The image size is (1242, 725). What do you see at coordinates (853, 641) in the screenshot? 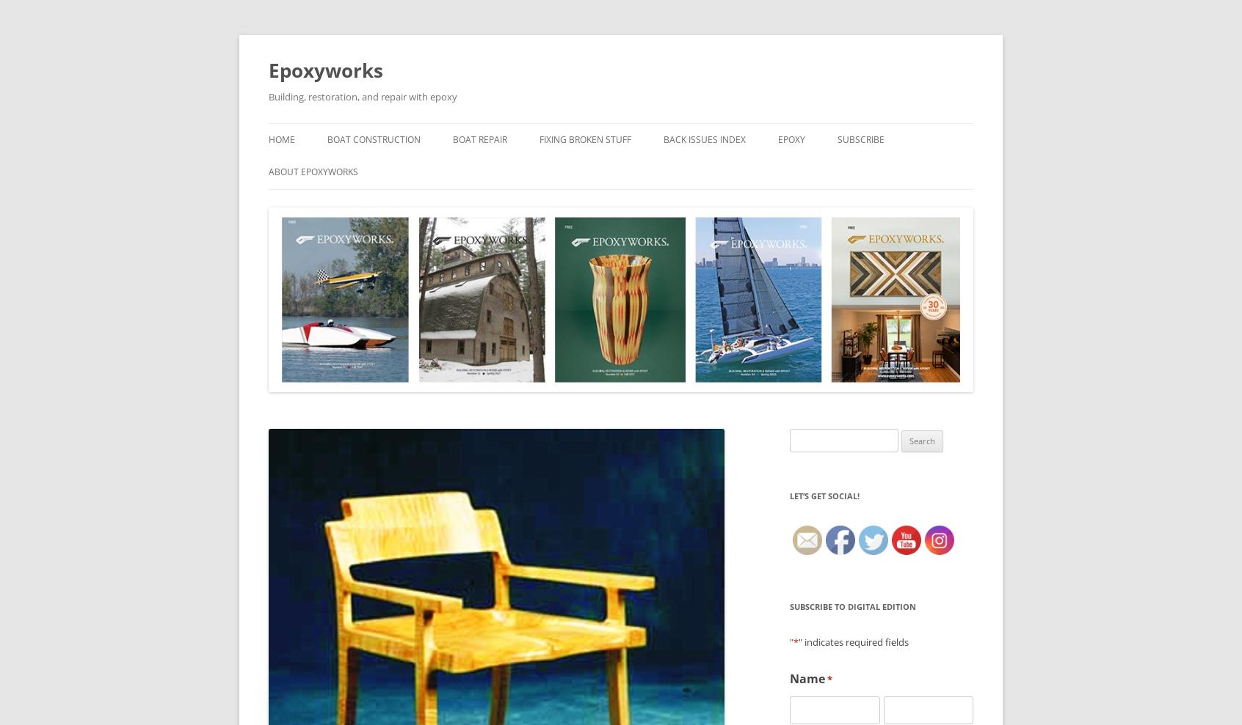
I see `'" indicates required fields'` at bounding box center [853, 641].